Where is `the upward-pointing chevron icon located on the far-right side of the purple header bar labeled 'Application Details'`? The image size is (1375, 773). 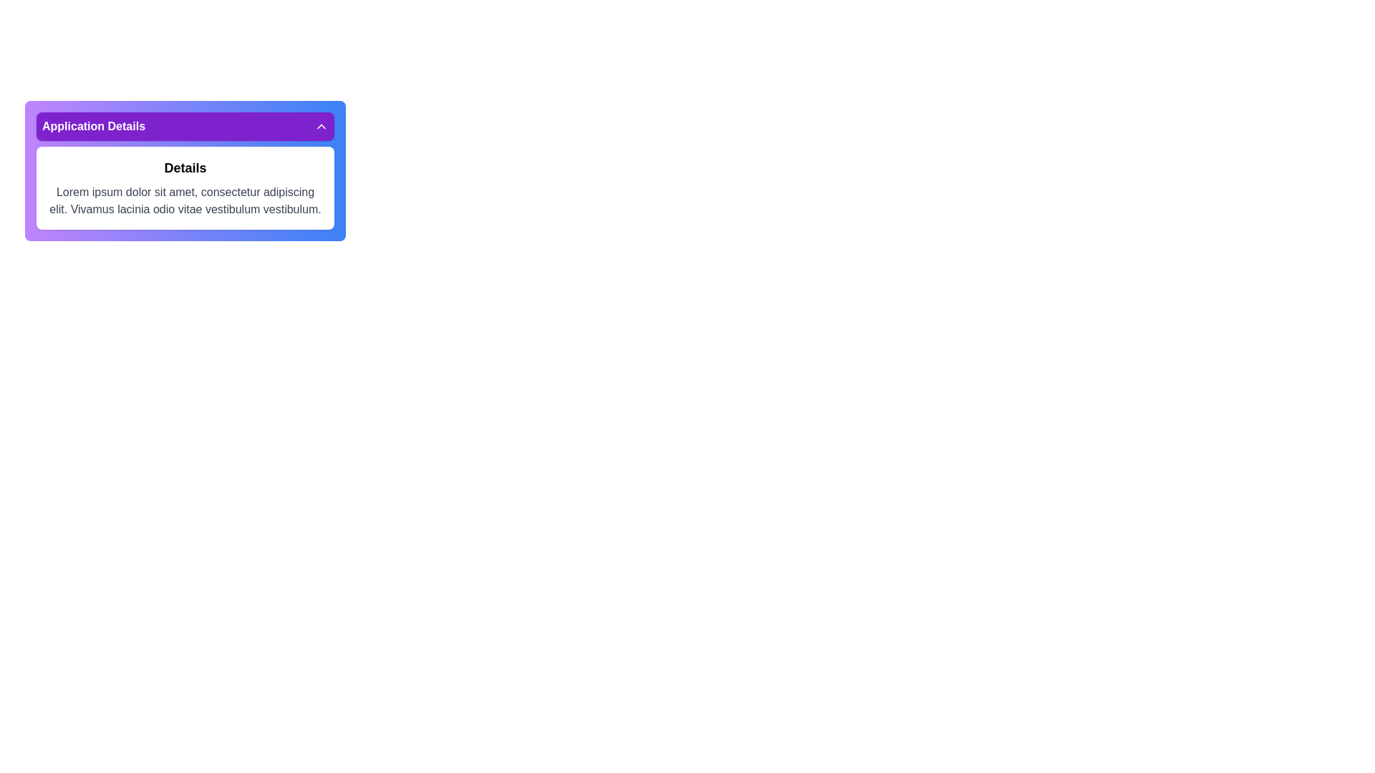 the upward-pointing chevron icon located on the far-right side of the purple header bar labeled 'Application Details' is located at coordinates (321, 126).